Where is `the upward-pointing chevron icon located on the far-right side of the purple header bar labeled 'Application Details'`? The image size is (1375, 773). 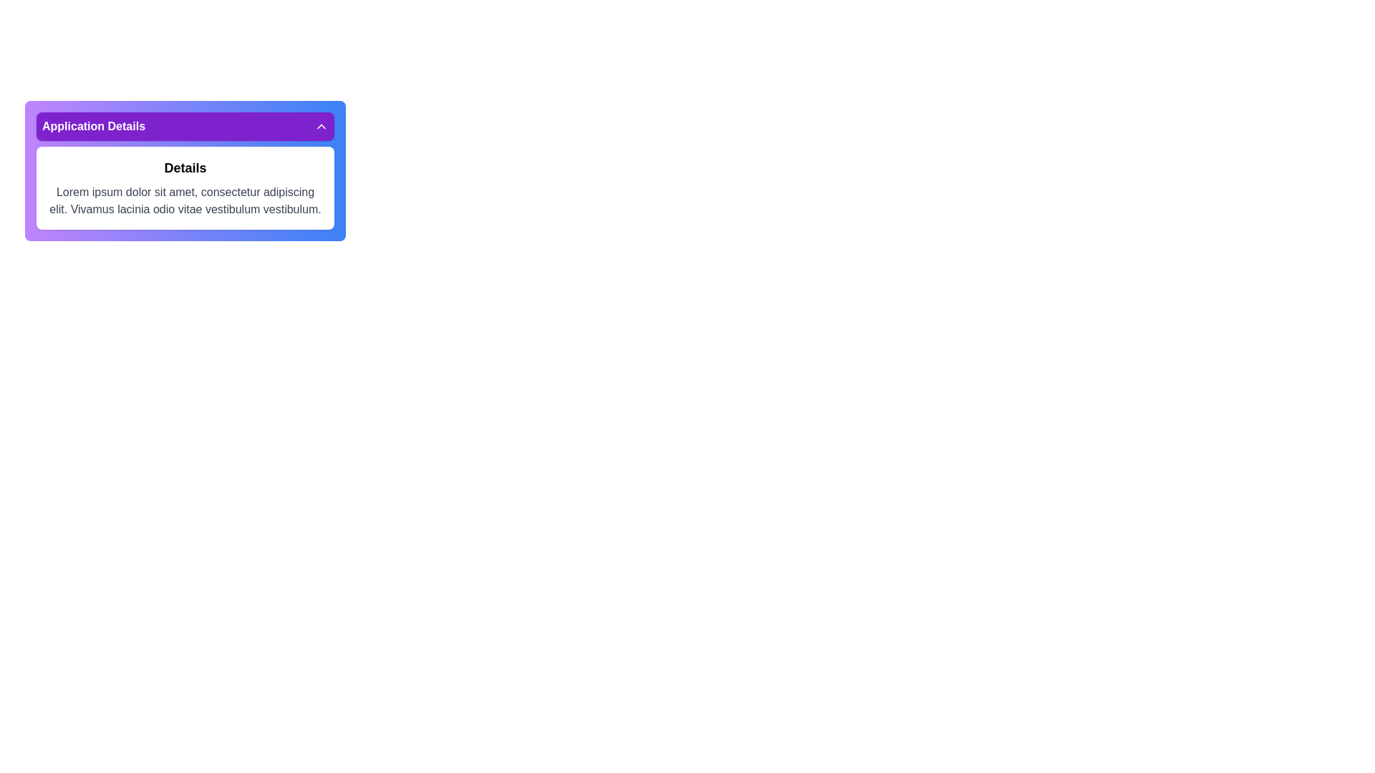 the upward-pointing chevron icon located on the far-right side of the purple header bar labeled 'Application Details' is located at coordinates (321, 126).